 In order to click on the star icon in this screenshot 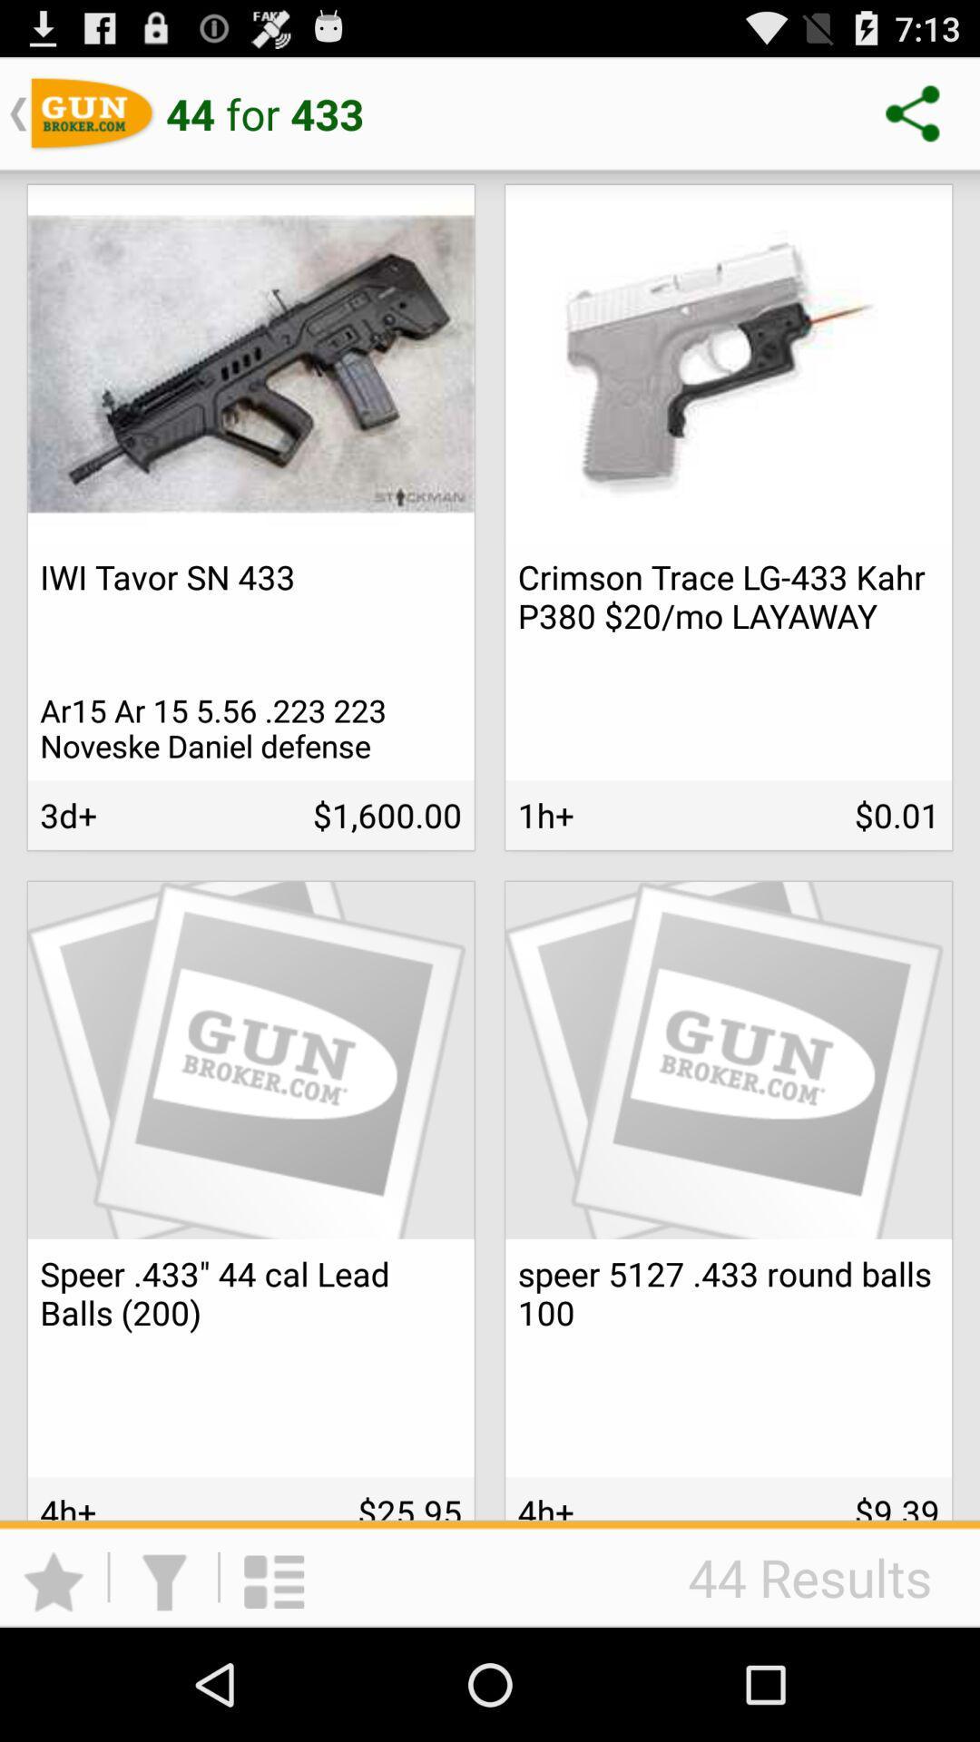, I will do `click(53, 1688)`.